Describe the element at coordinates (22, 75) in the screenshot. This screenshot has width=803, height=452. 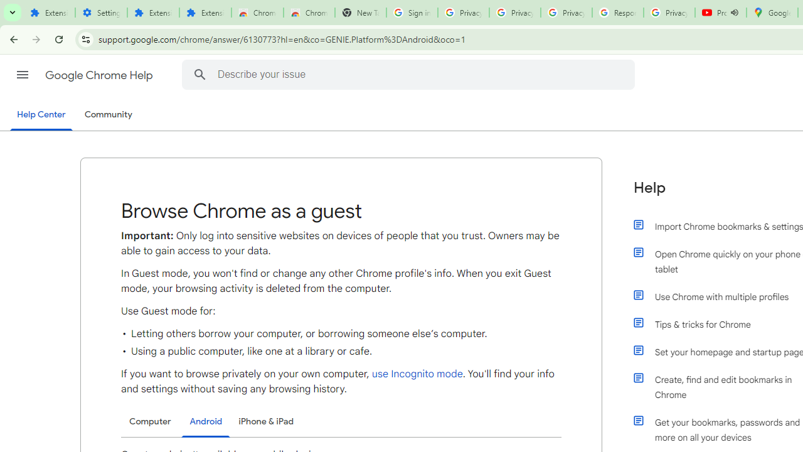
I see `'Main menu'` at that location.